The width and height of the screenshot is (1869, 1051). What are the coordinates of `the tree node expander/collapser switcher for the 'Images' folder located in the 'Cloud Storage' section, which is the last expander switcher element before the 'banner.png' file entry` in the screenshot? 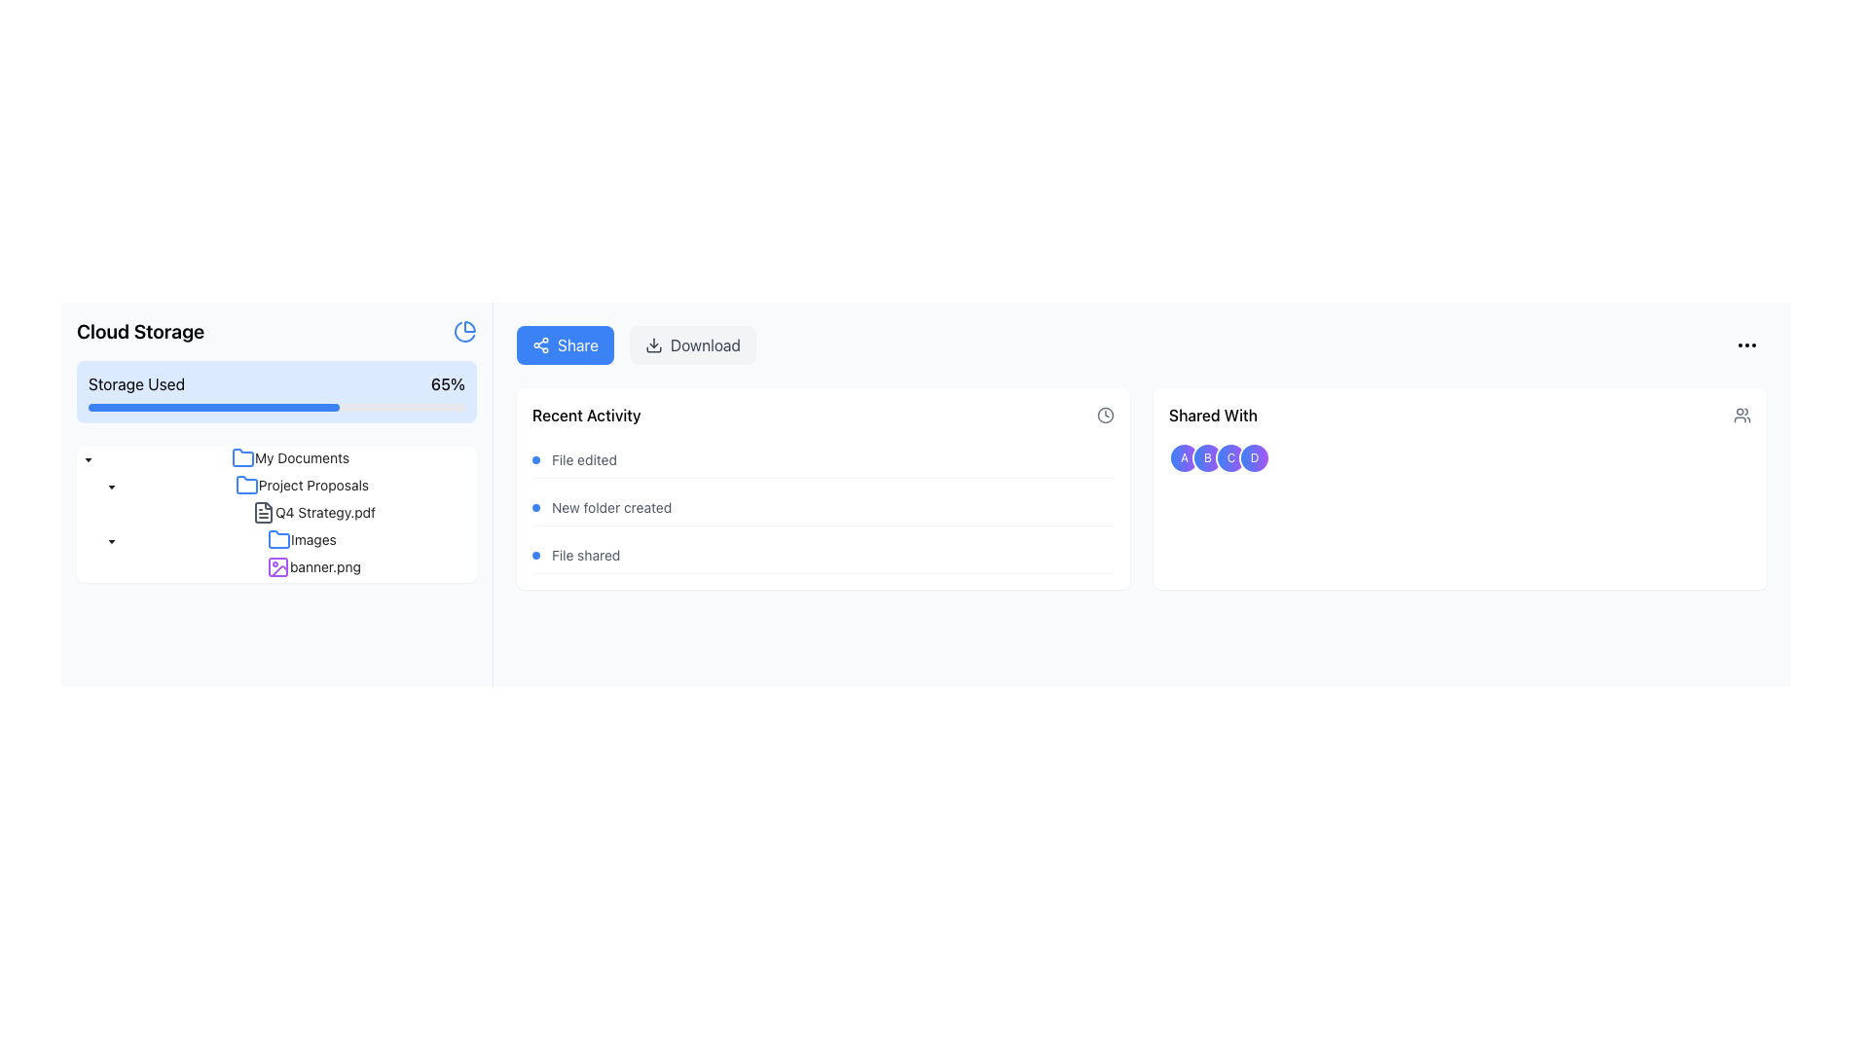 It's located at (134, 566).